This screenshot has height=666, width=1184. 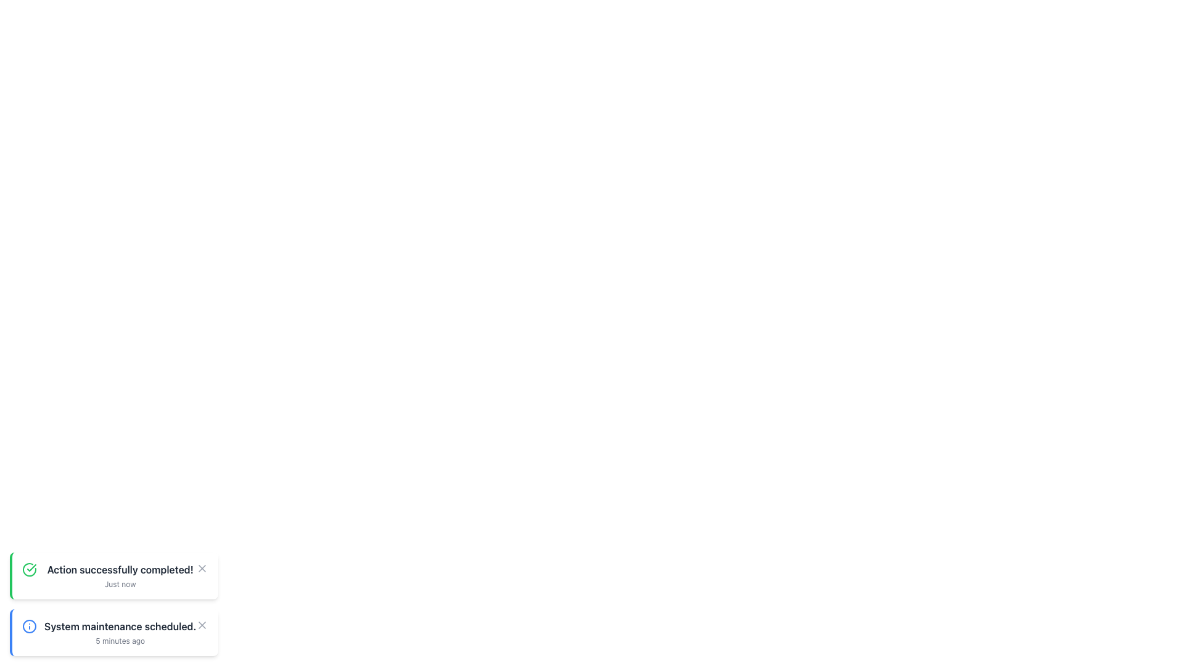 What do you see at coordinates (202, 568) in the screenshot?
I see `the 'X' icon in the top-right corner of the notification block` at bounding box center [202, 568].